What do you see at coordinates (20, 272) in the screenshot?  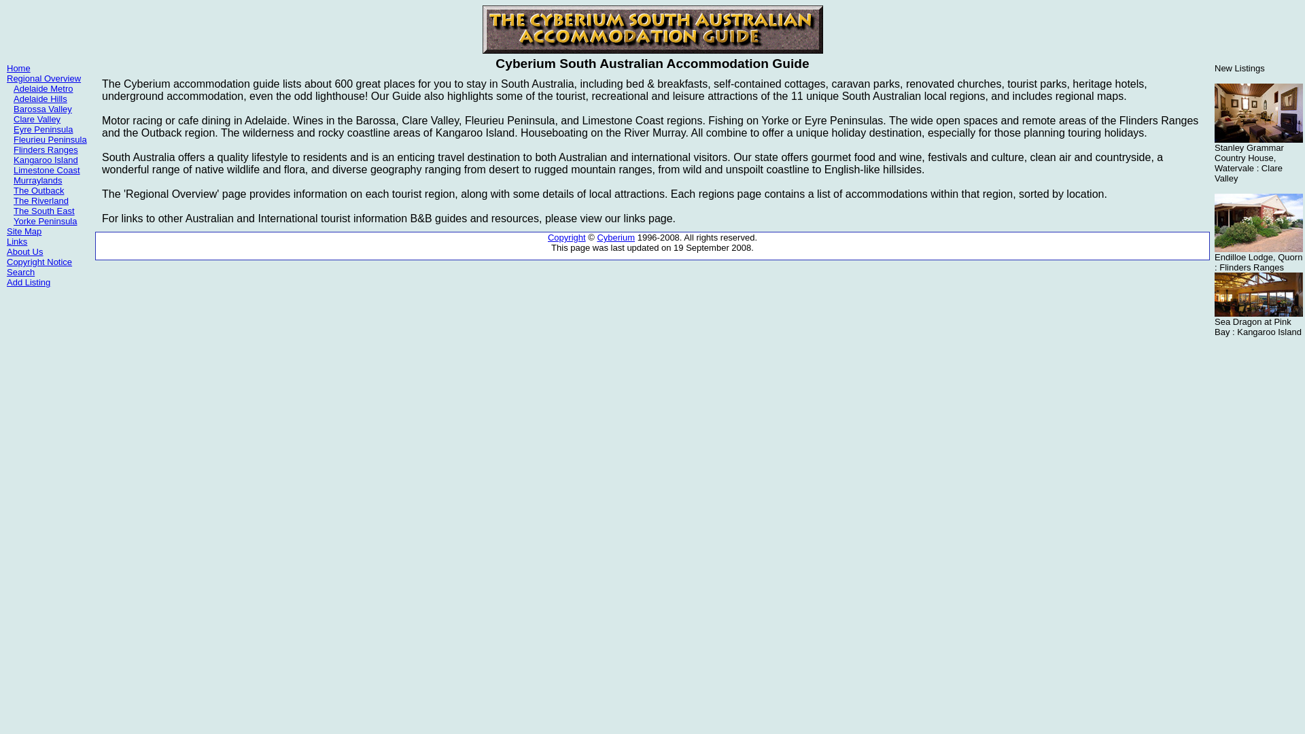 I see `'Search'` at bounding box center [20, 272].